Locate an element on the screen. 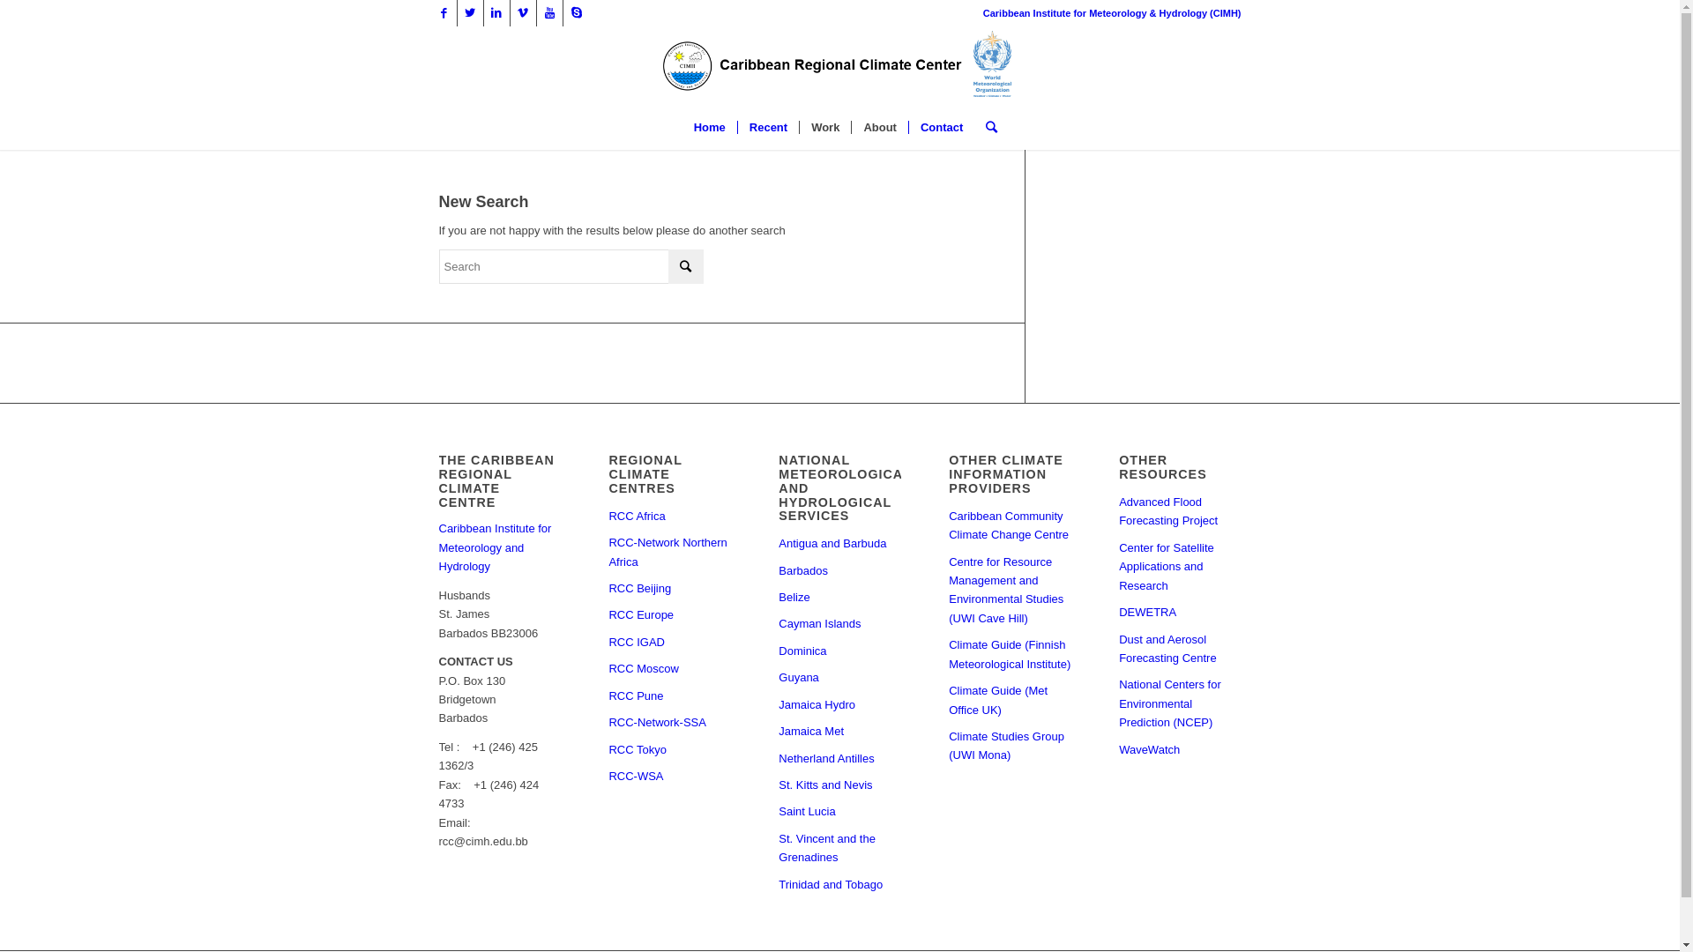  'Linkedin' is located at coordinates (495, 13).